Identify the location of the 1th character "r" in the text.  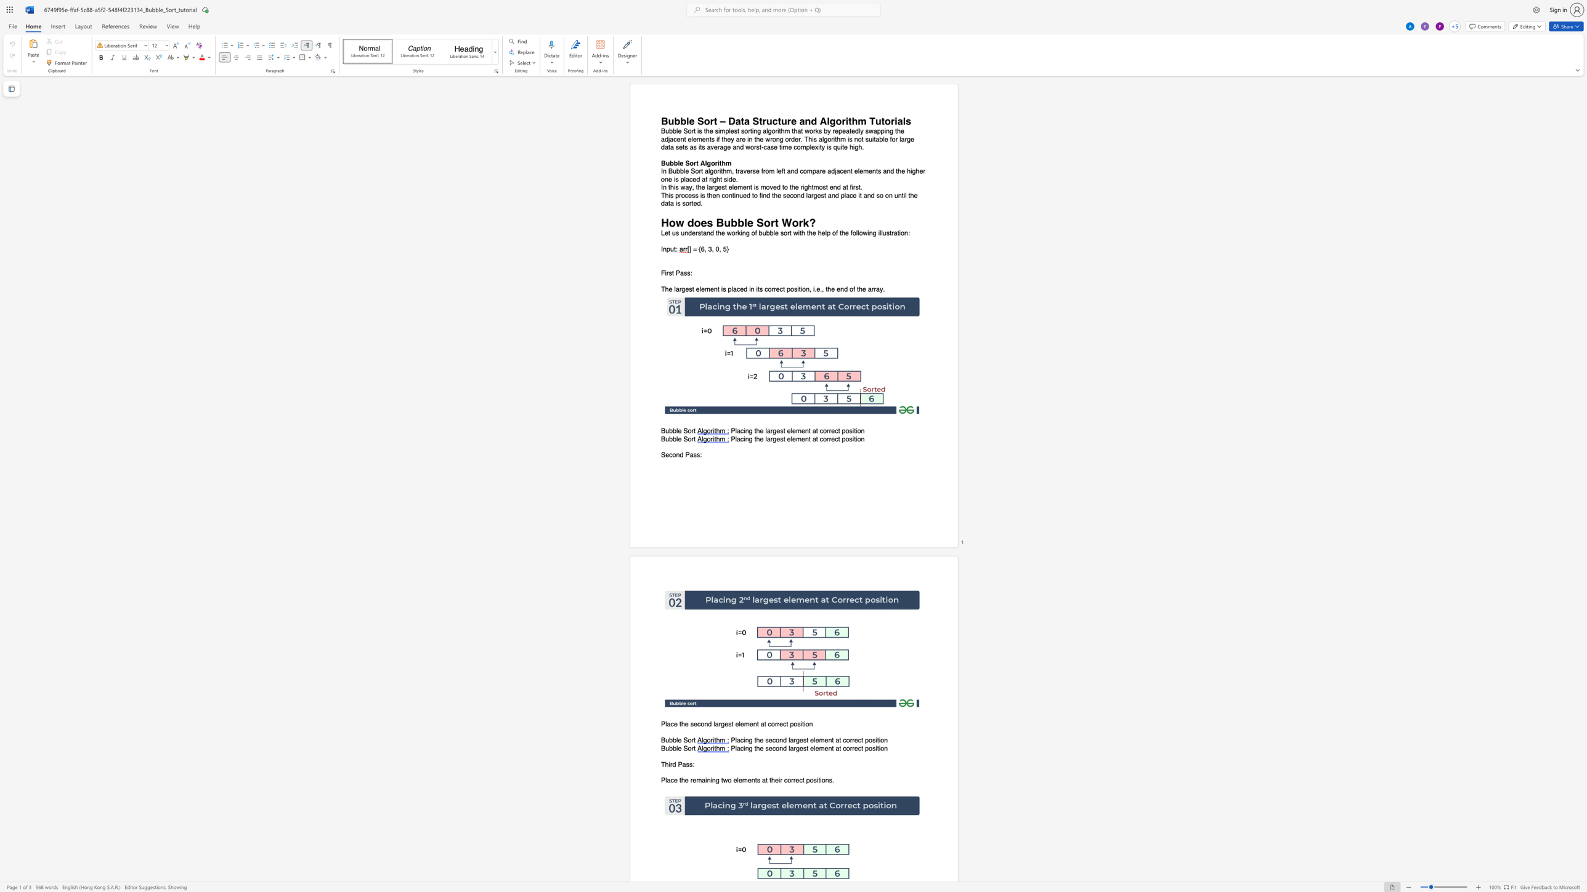
(771, 431).